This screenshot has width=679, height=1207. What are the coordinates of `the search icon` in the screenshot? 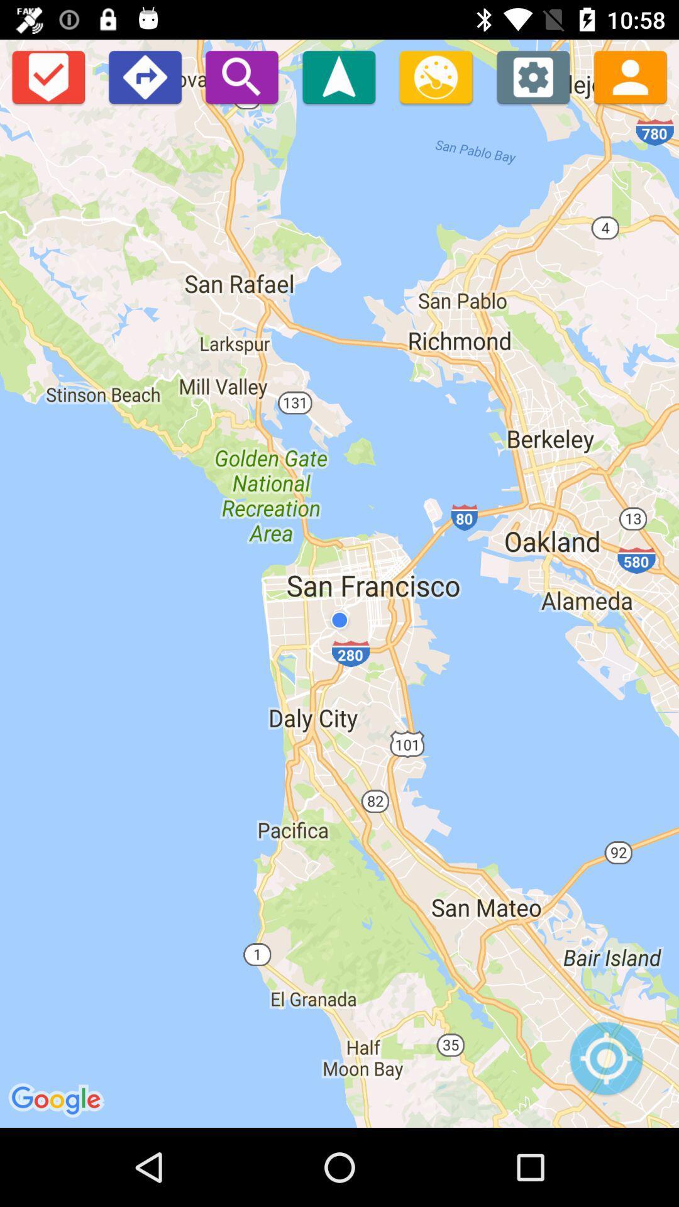 It's located at (241, 76).